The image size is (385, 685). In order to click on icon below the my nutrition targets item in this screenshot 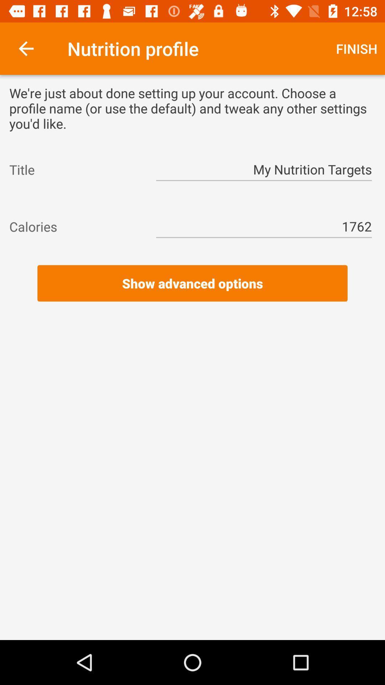, I will do `click(192, 198)`.